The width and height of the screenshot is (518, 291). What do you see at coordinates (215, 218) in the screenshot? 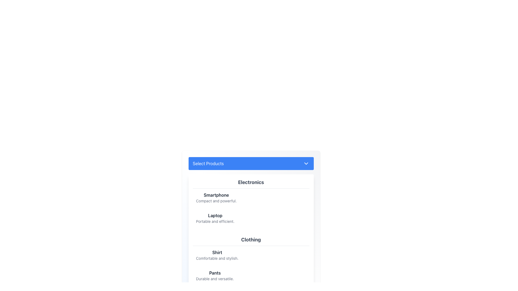
I see `the 'Laptop' product listing in the 'Electronics' category, which is the second item in the vertical list, positioned between 'Smartphone' and 'Clothing'` at bounding box center [215, 218].